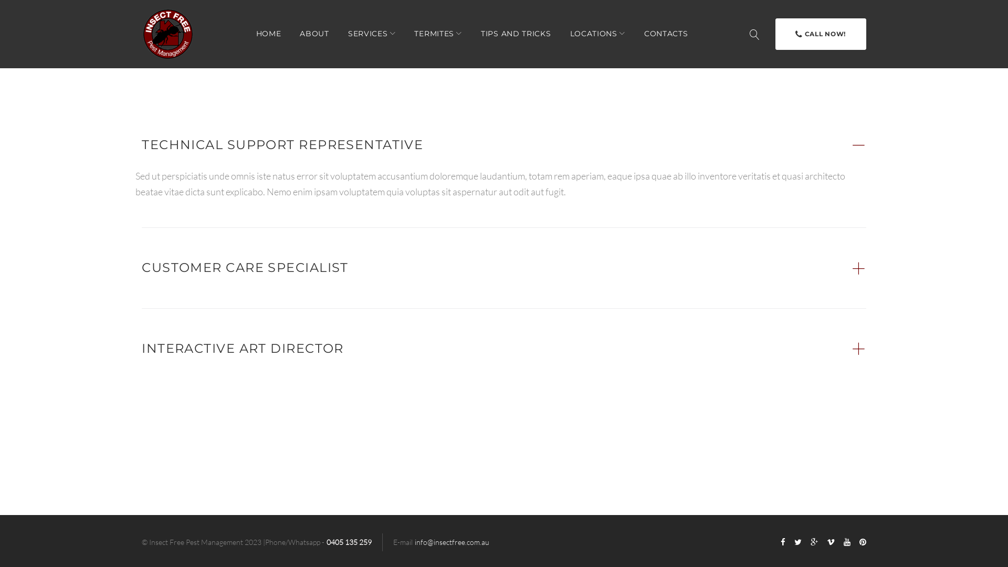 This screenshot has height=567, width=1008. What do you see at coordinates (597, 33) in the screenshot?
I see `'LOCATIONS'` at bounding box center [597, 33].